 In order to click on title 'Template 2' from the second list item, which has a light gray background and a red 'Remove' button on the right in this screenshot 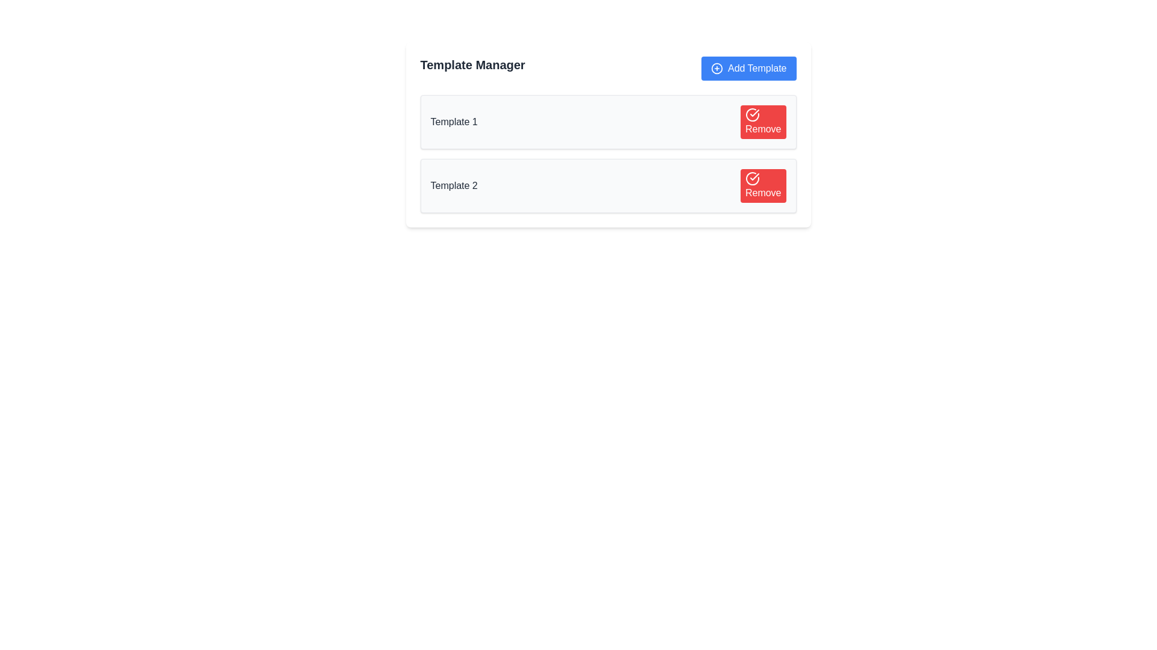, I will do `click(608, 185)`.